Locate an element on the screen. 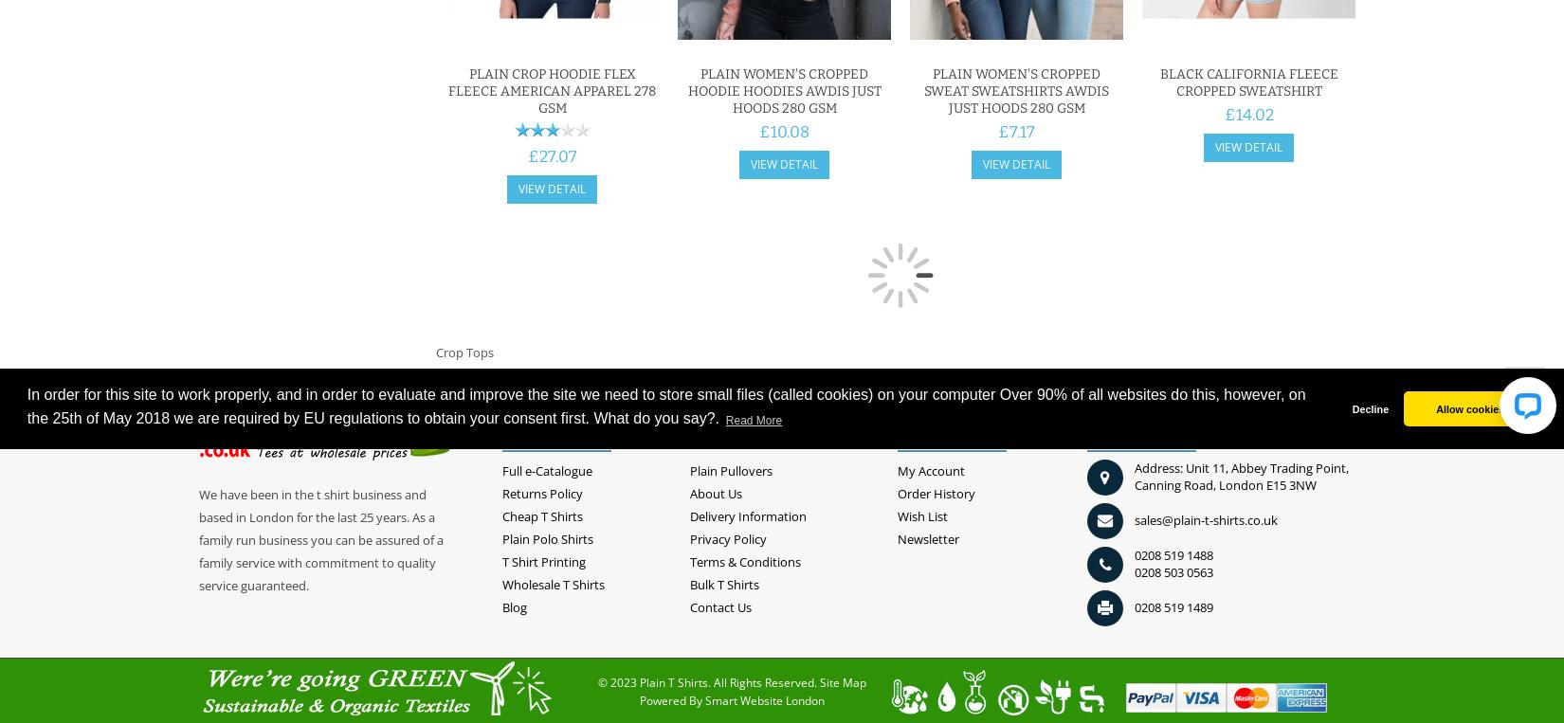 The image size is (1564, 723). 'Wish List' is located at coordinates (921, 515).